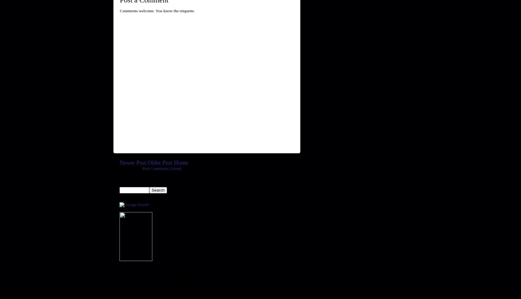 Image resolution: width=521 pixels, height=299 pixels. Describe the element at coordinates (119, 197) in the screenshot. I see `'George Sewell'` at that location.